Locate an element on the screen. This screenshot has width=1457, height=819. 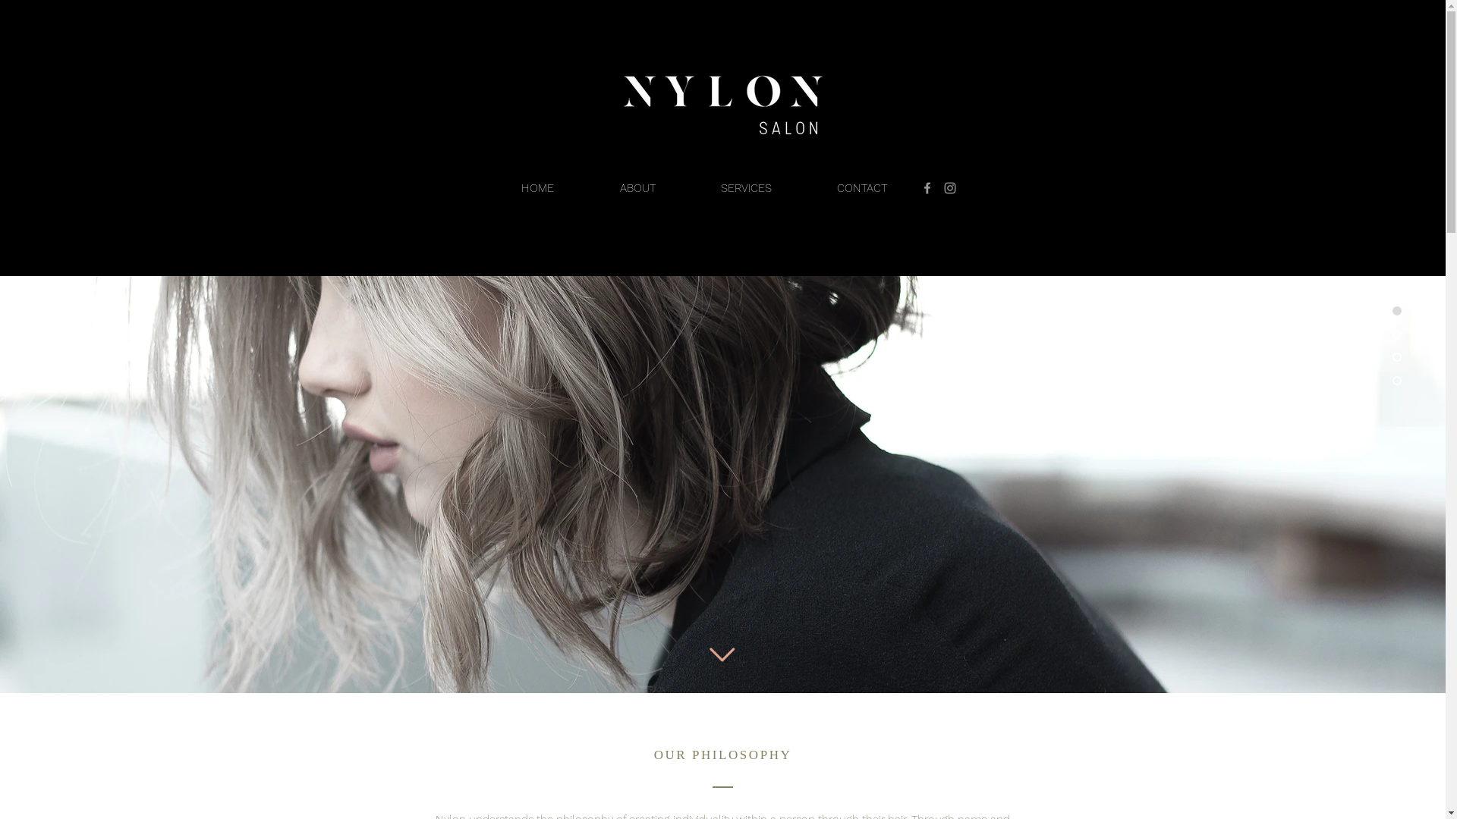
'CONTACT' is located at coordinates (862, 187).